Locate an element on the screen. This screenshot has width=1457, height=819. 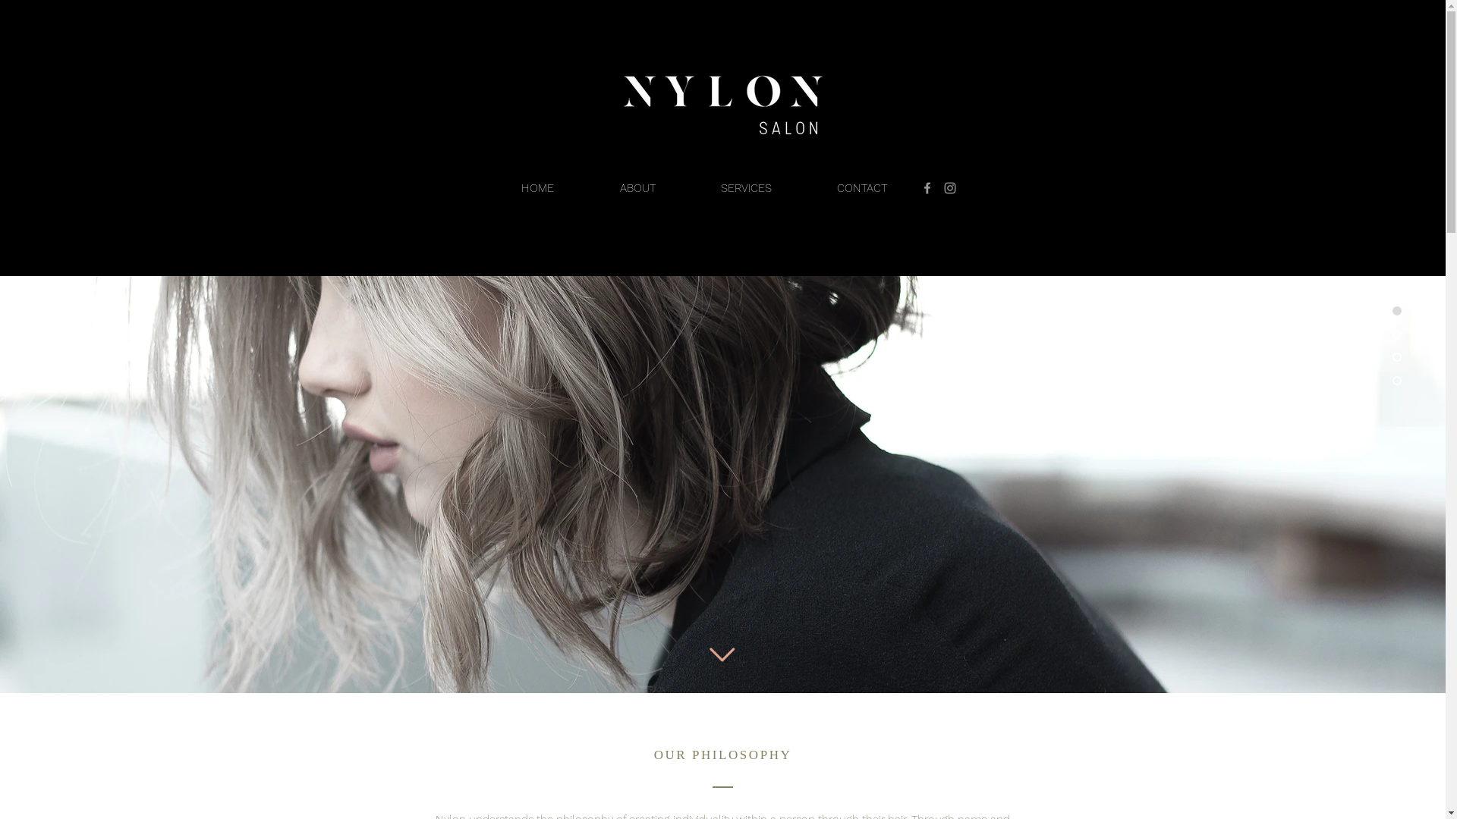
'CONTACT' is located at coordinates (862, 187).